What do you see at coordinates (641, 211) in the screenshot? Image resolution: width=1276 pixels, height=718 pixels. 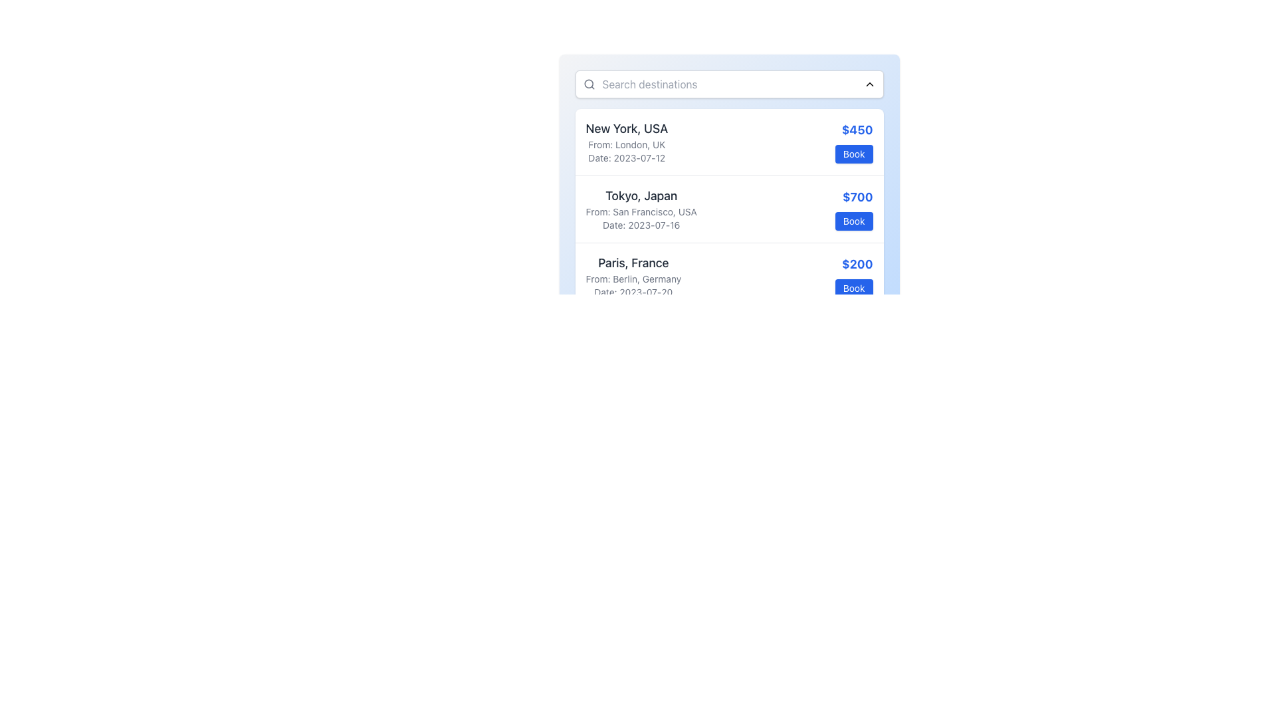 I see `the Text Label displaying 'From: San Francisco, USA', which is styled in gray and positioned below 'Tokyo, Japan'` at bounding box center [641, 211].